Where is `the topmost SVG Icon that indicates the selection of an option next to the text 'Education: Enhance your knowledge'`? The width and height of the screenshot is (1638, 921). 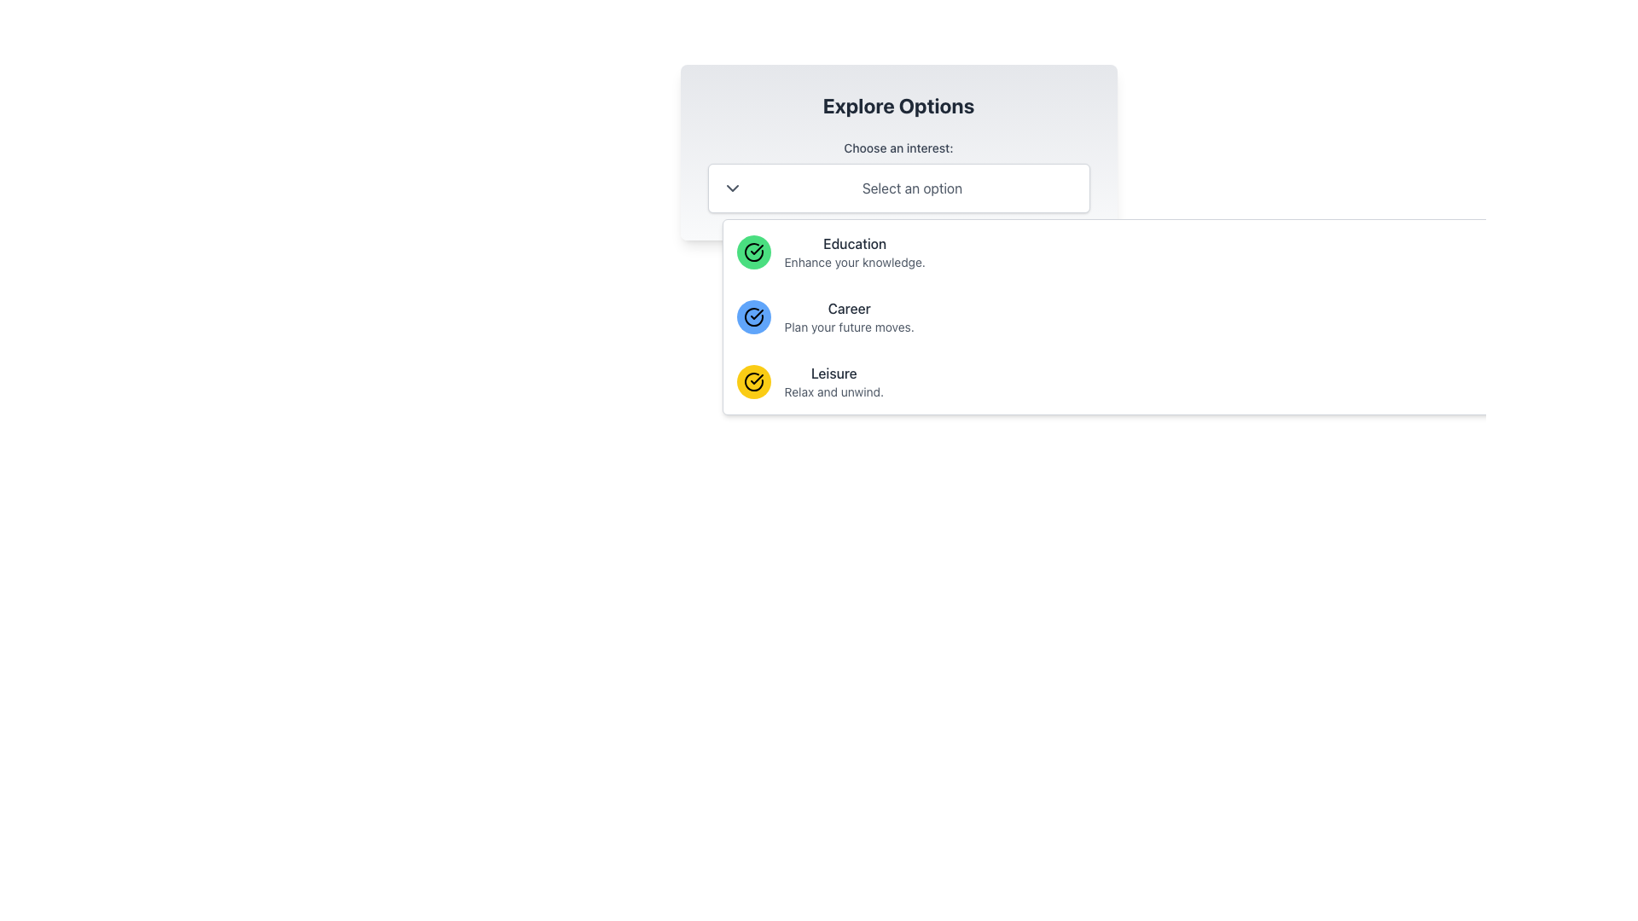 the topmost SVG Icon that indicates the selection of an option next to the text 'Education: Enhance your knowledge' is located at coordinates (752, 252).